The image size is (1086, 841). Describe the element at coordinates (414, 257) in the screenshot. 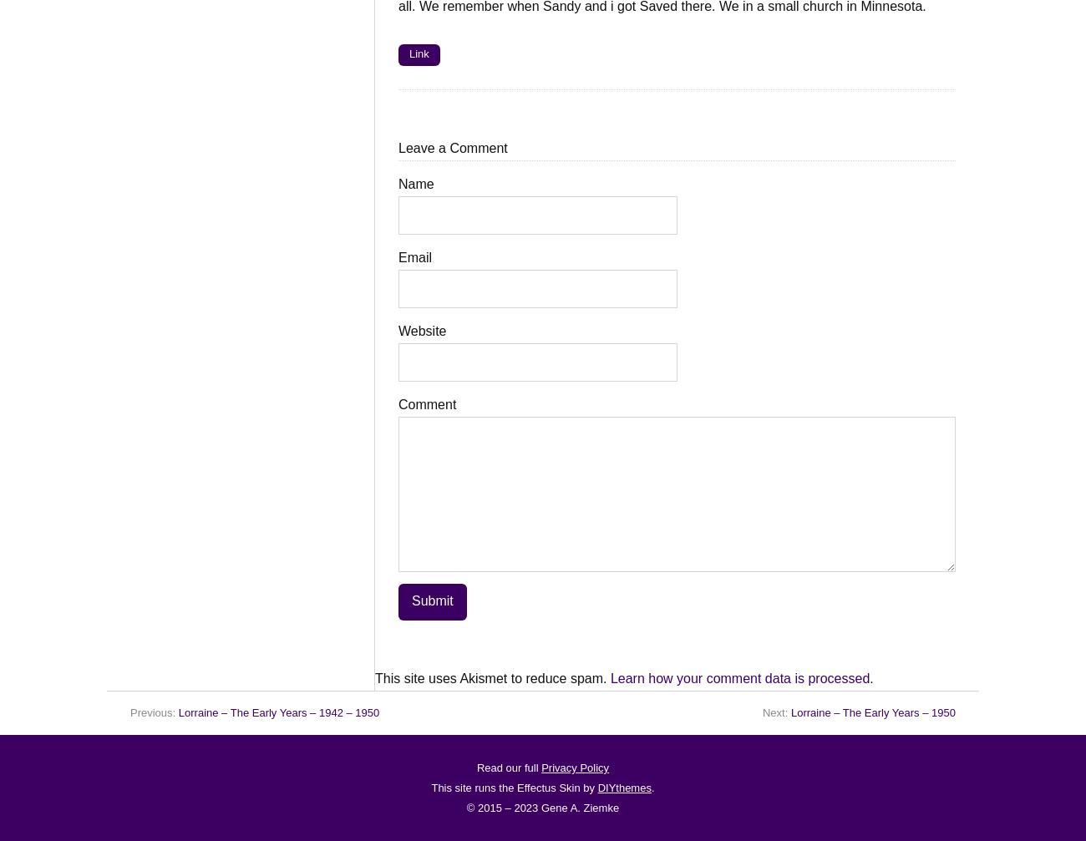

I see `'Email'` at that location.